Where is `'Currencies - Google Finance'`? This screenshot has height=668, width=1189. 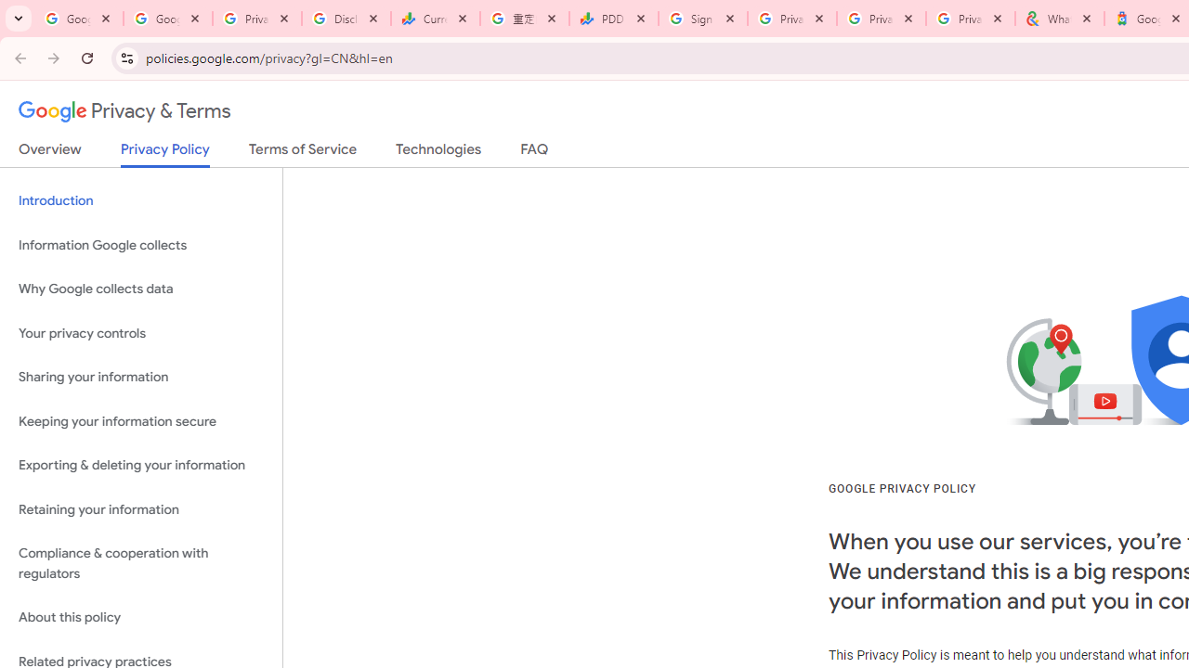 'Currencies - Google Finance' is located at coordinates (435, 19).